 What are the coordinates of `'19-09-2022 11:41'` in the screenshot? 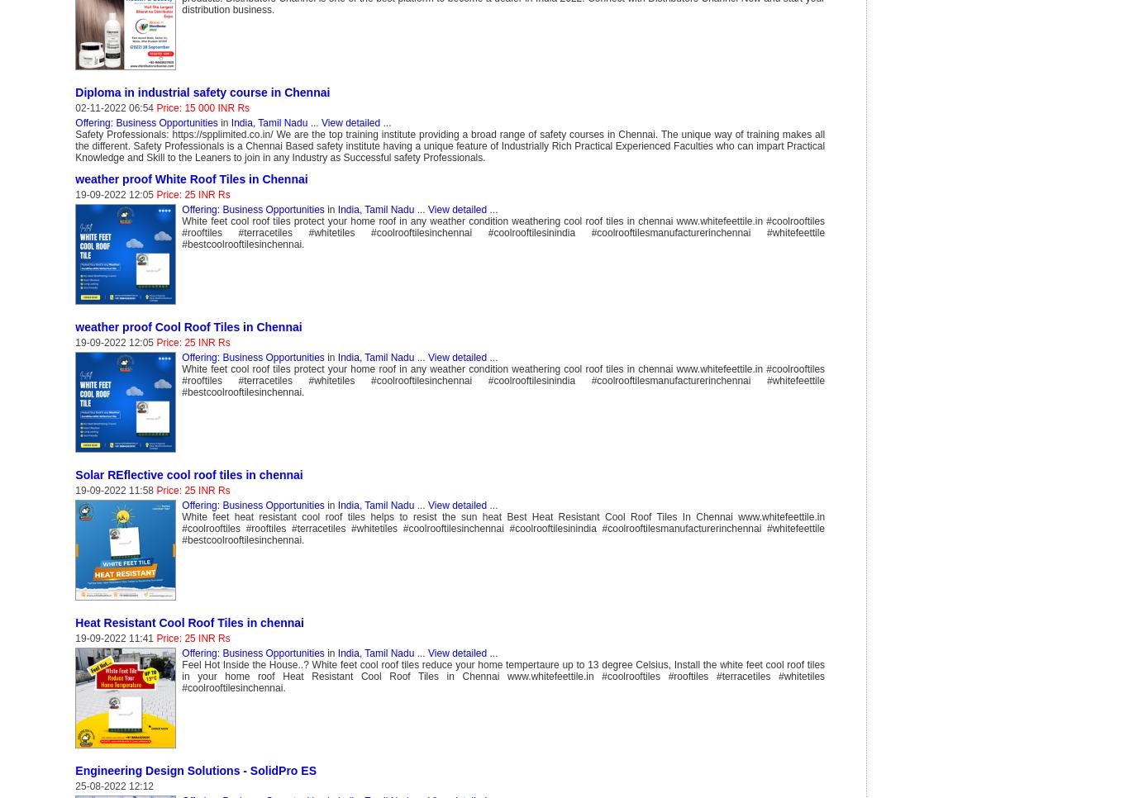 It's located at (115, 637).